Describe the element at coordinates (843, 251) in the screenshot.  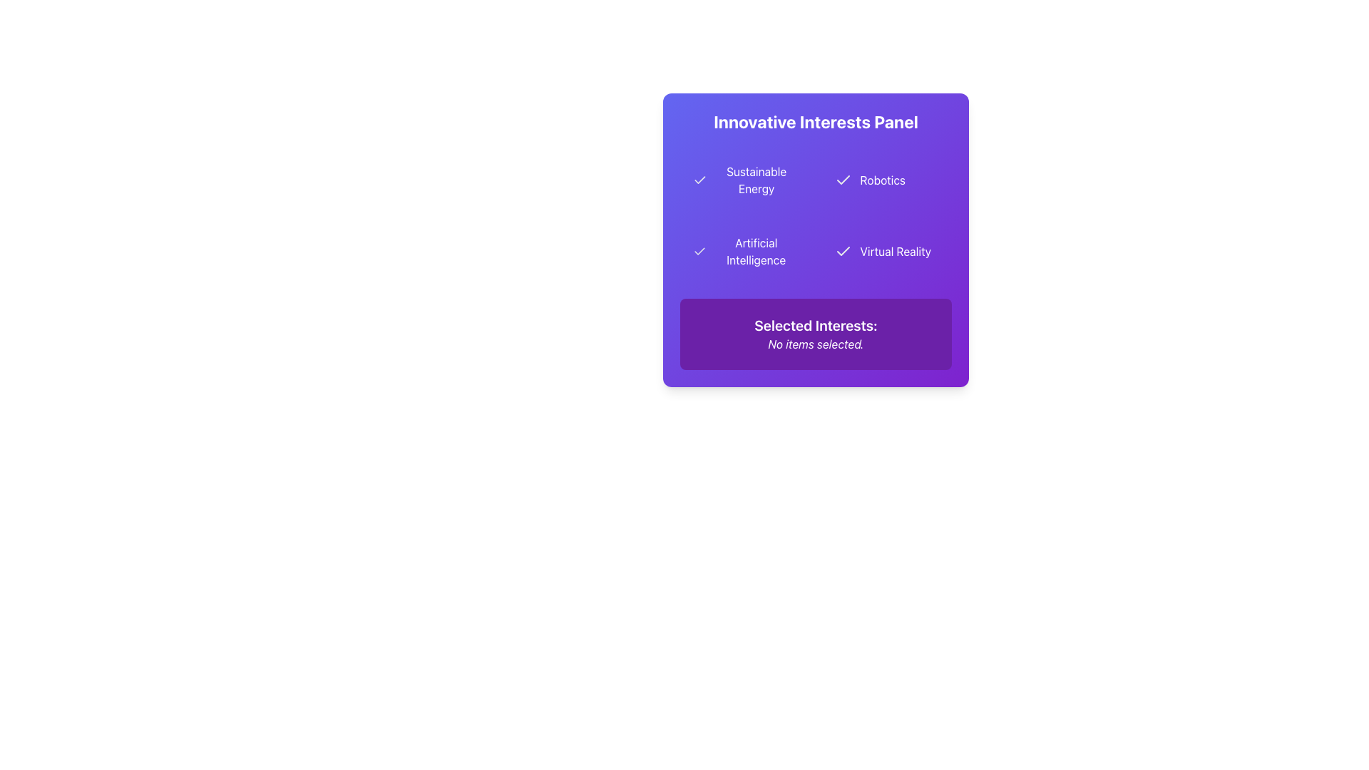
I see `the static icon representing the selected status of the 'Virtual Reality' option` at that location.